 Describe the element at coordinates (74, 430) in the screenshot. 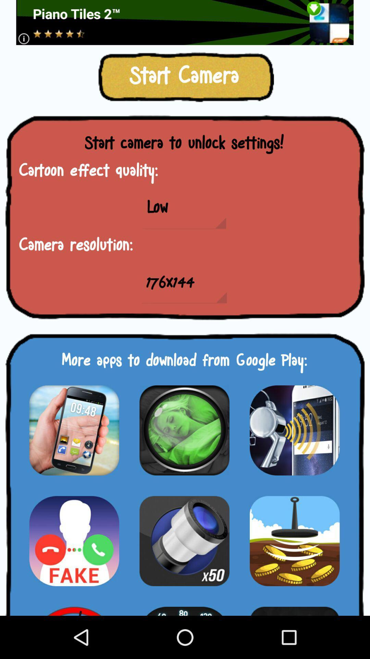

I see `app options` at that location.